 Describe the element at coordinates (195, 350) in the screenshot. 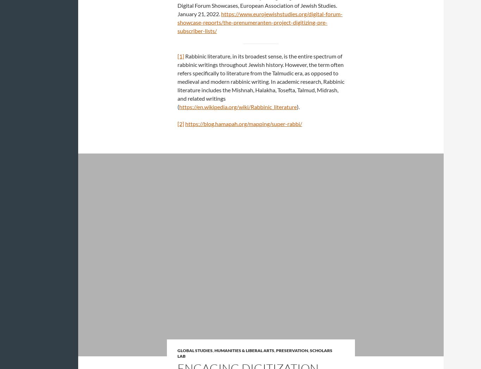

I see `'Global Studies'` at that location.